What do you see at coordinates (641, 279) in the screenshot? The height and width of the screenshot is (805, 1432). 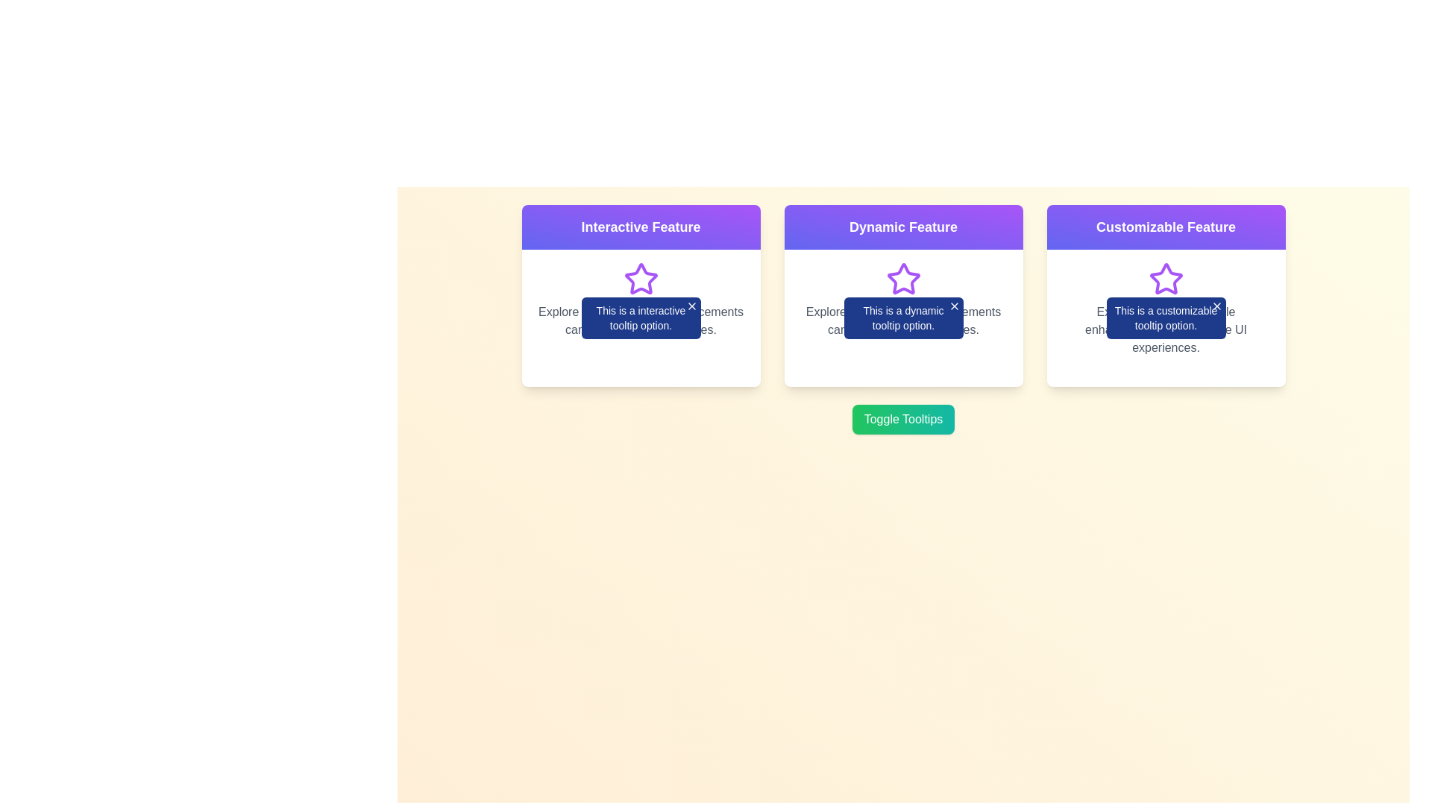 I see `the purple star icon located under the 'Interactive Feature' header, which is the first icon in a row of three, above its descriptive text` at bounding box center [641, 279].